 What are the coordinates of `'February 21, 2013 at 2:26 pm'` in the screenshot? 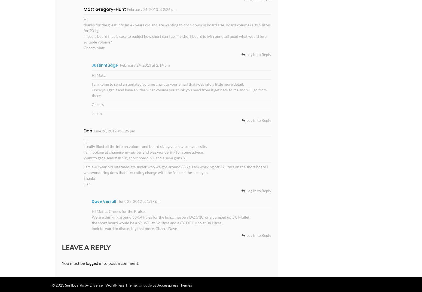 It's located at (151, 9).